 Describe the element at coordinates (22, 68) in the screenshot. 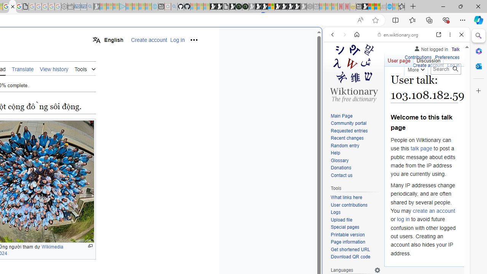

I see `'Translate'` at that location.